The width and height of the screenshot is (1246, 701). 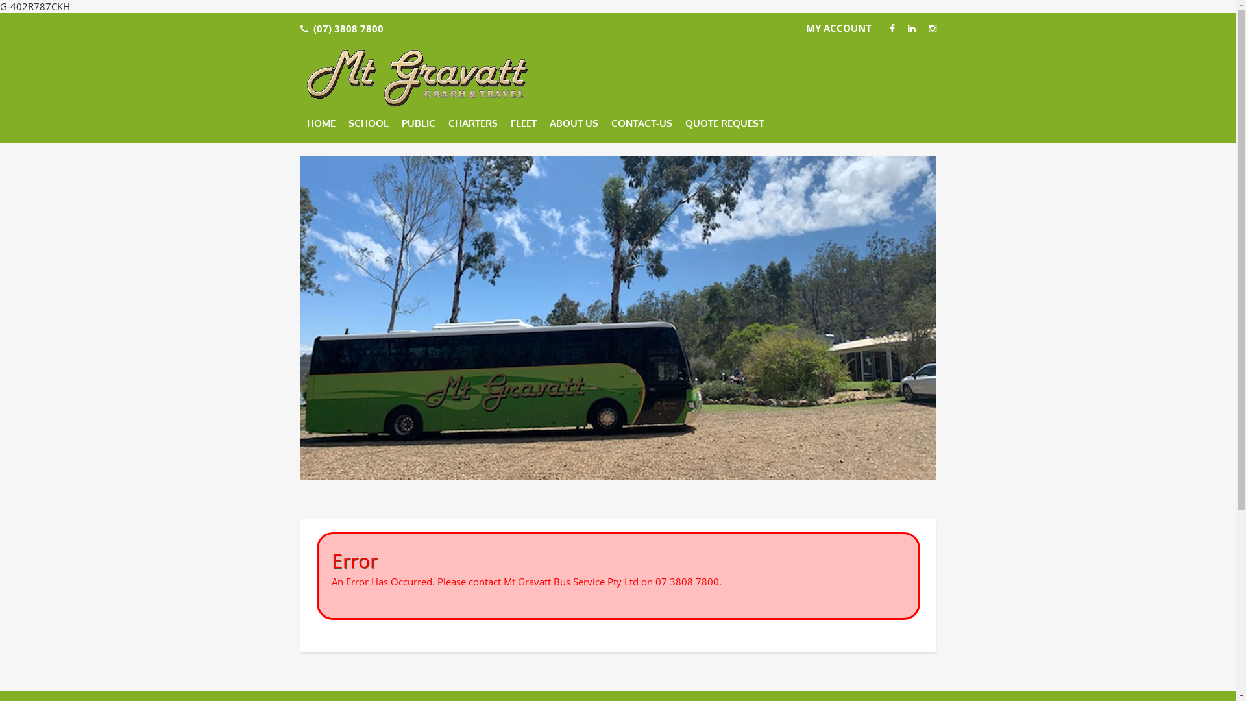 I want to click on 'FLEET', so click(x=523, y=123).